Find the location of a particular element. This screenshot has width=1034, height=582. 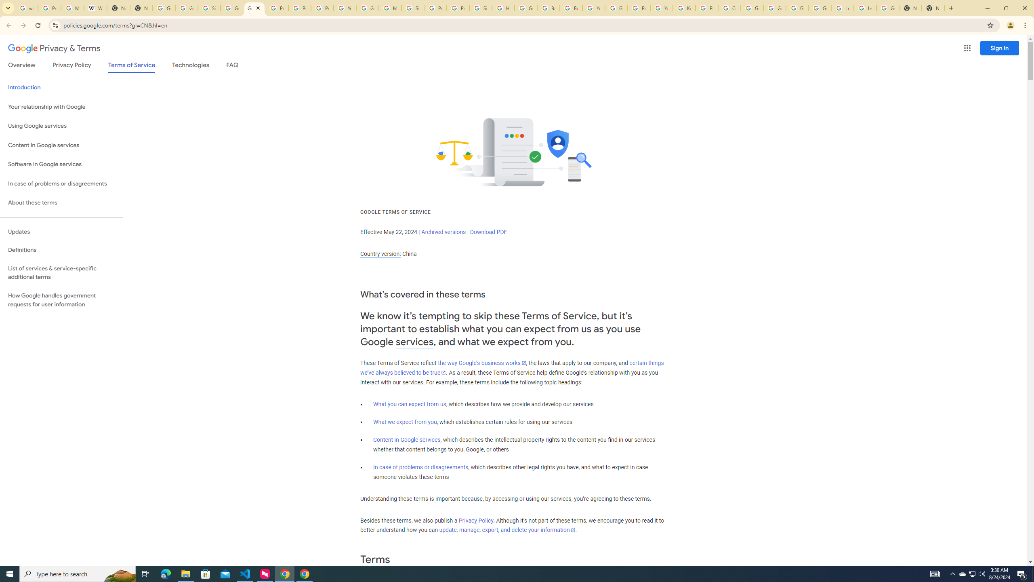

'Software in Google services' is located at coordinates (61, 164).